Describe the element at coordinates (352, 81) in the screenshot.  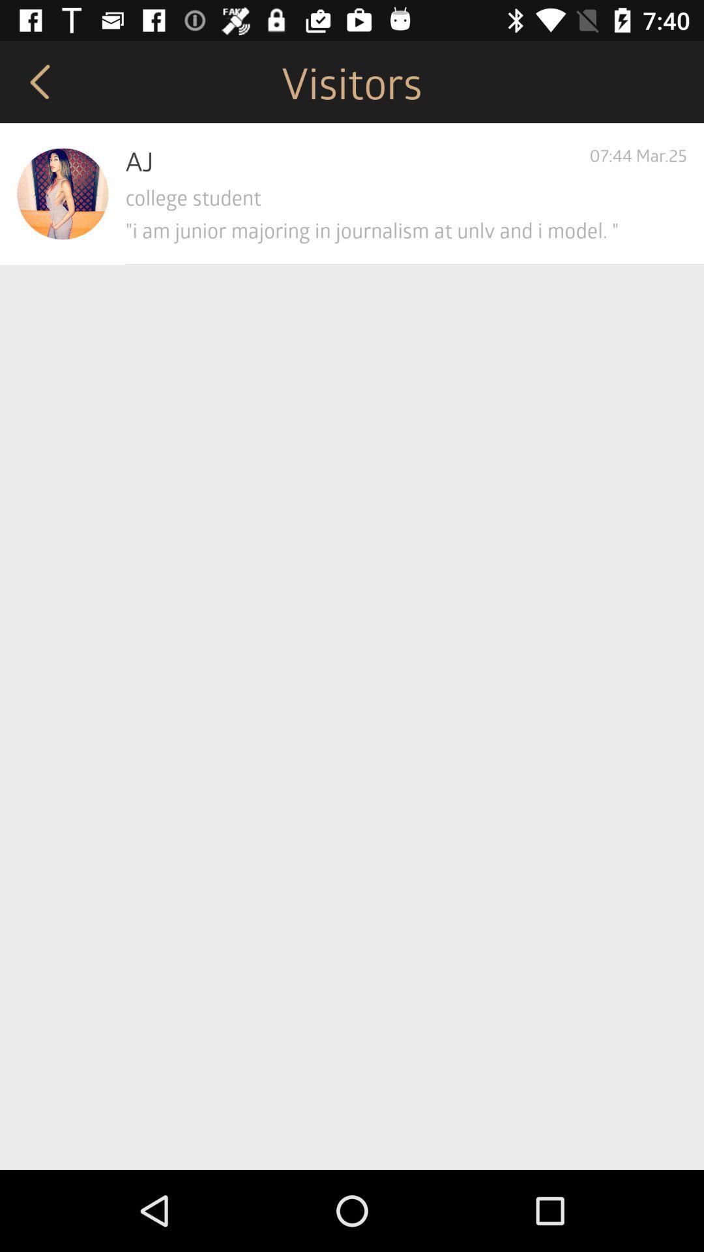
I see `visitors item` at that location.